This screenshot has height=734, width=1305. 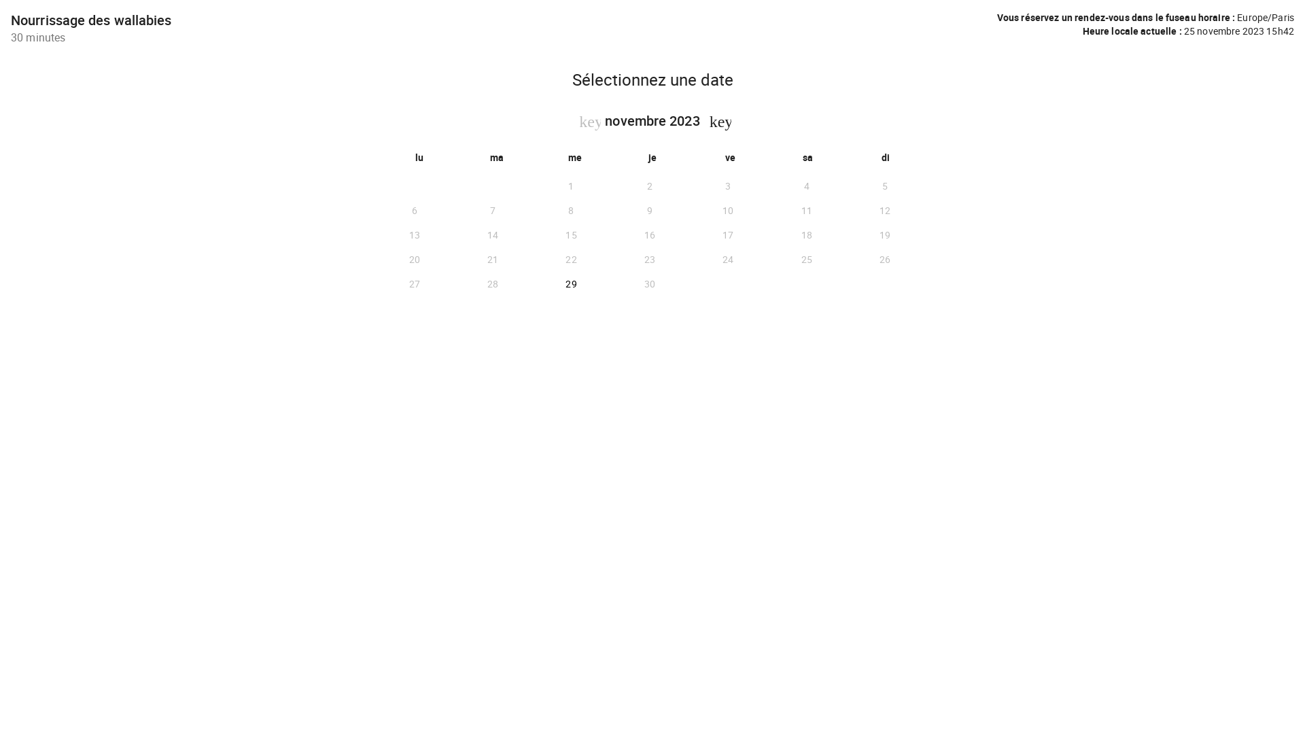 I want to click on '1', so click(x=571, y=186).